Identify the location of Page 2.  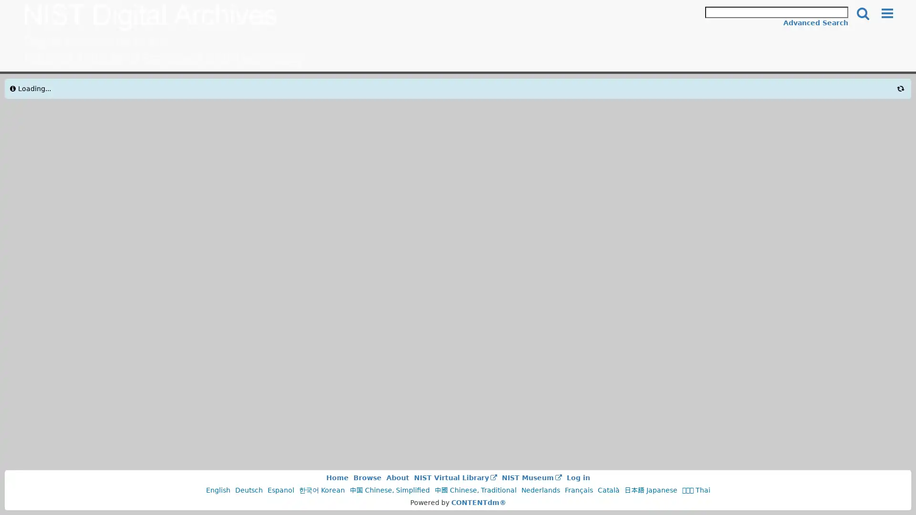
(539, 167).